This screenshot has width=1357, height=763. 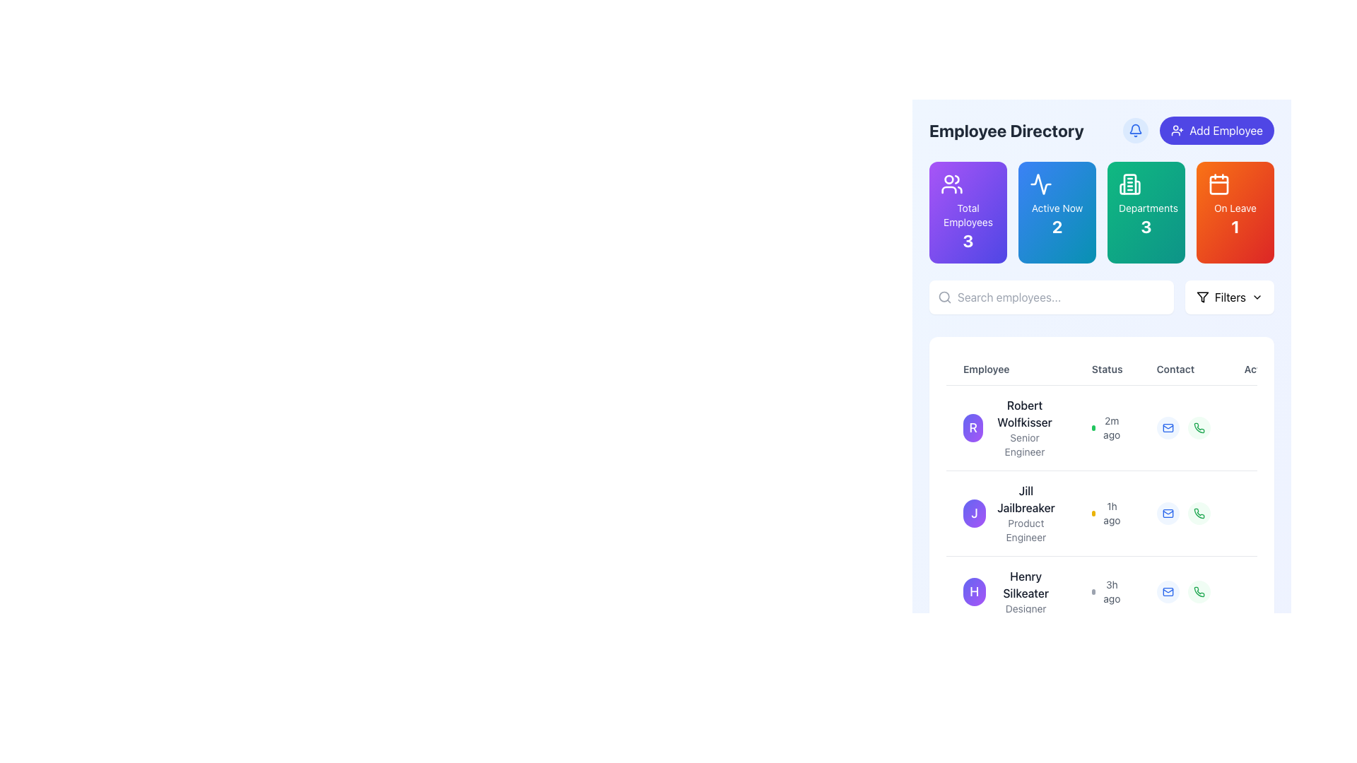 What do you see at coordinates (1026, 531) in the screenshot?
I see `the text label displaying the job title of 'Jill Jailbreaker', located in the 'Employee' column directly below their name` at bounding box center [1026, 531].